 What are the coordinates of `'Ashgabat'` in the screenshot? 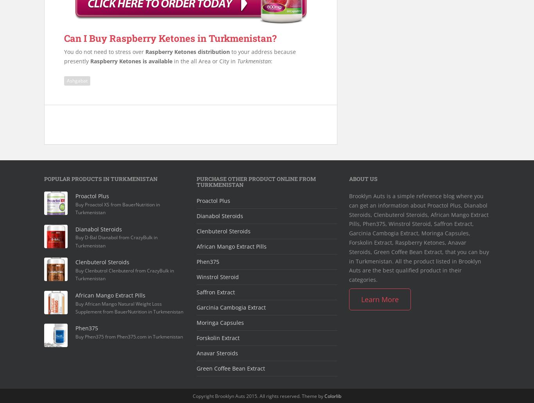 It's located at (77, 80).